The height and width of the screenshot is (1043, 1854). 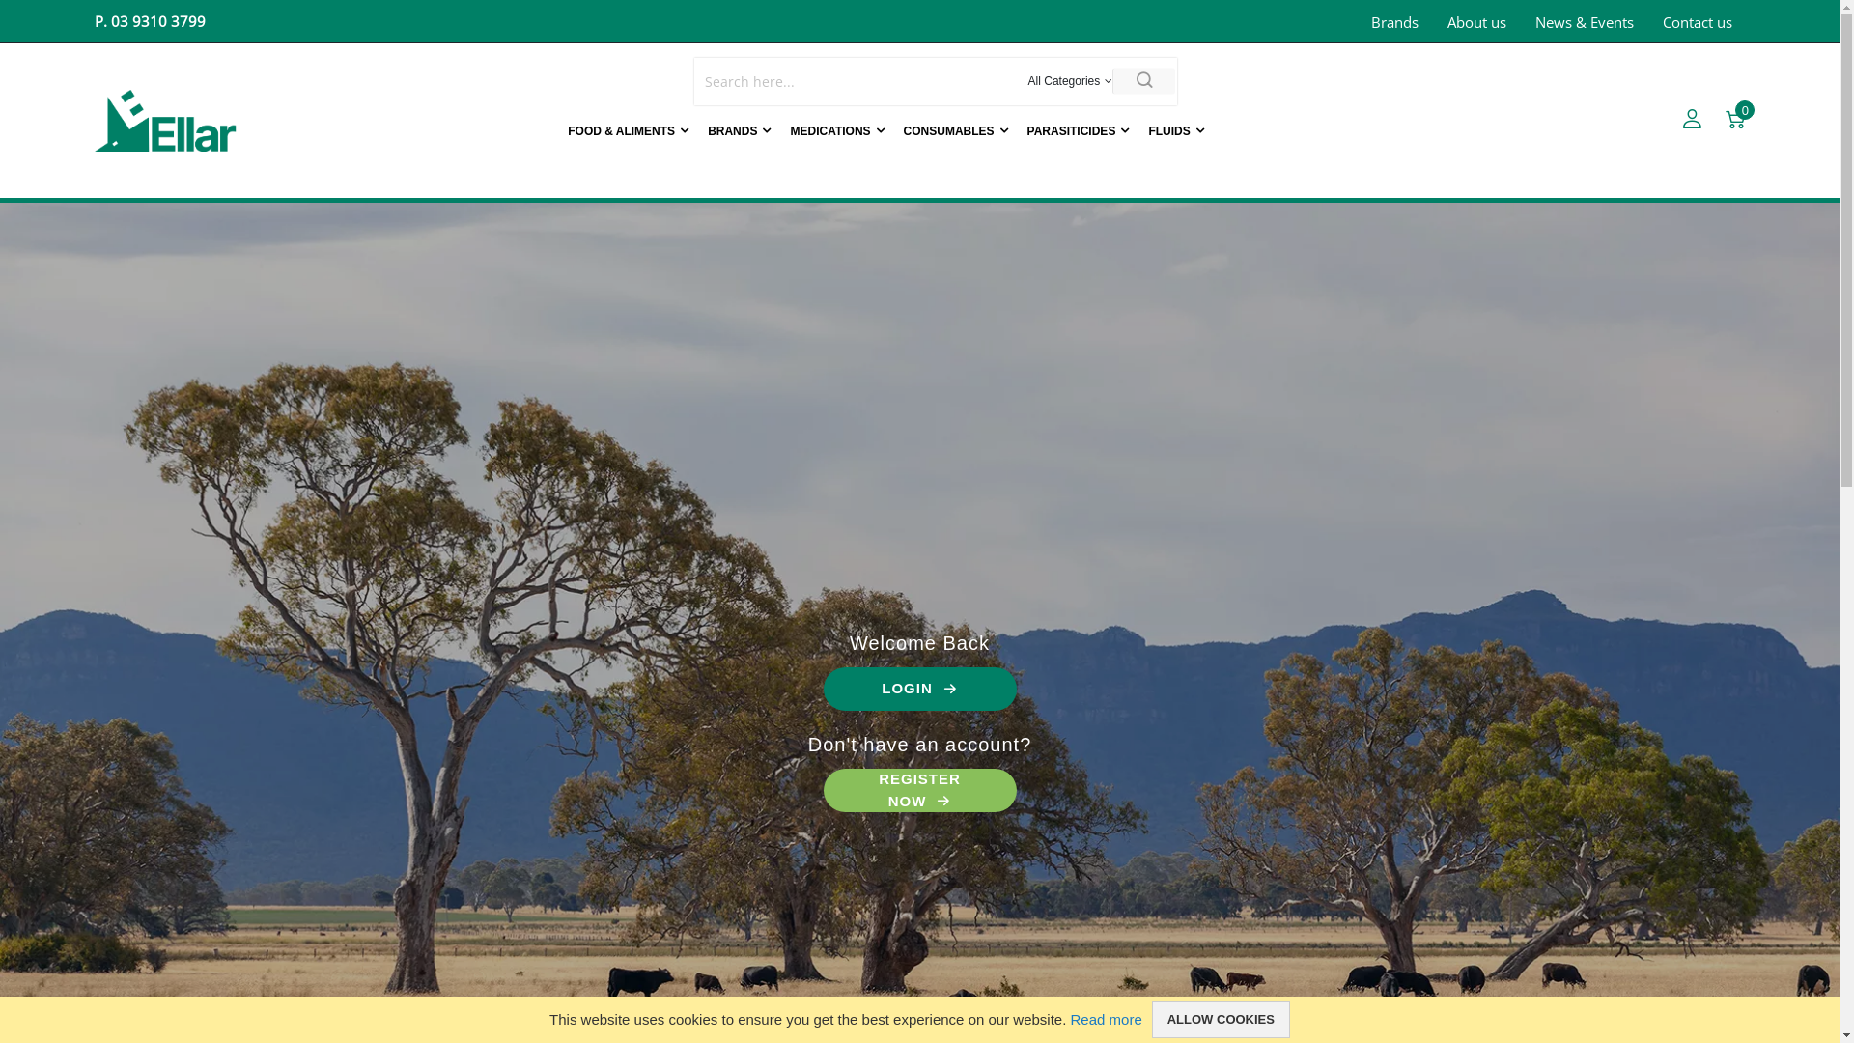 What do you see at coordinates (1138, 130) in the screenshot?
I see `'FLUIDS'` at bounding box center [1138, 130].